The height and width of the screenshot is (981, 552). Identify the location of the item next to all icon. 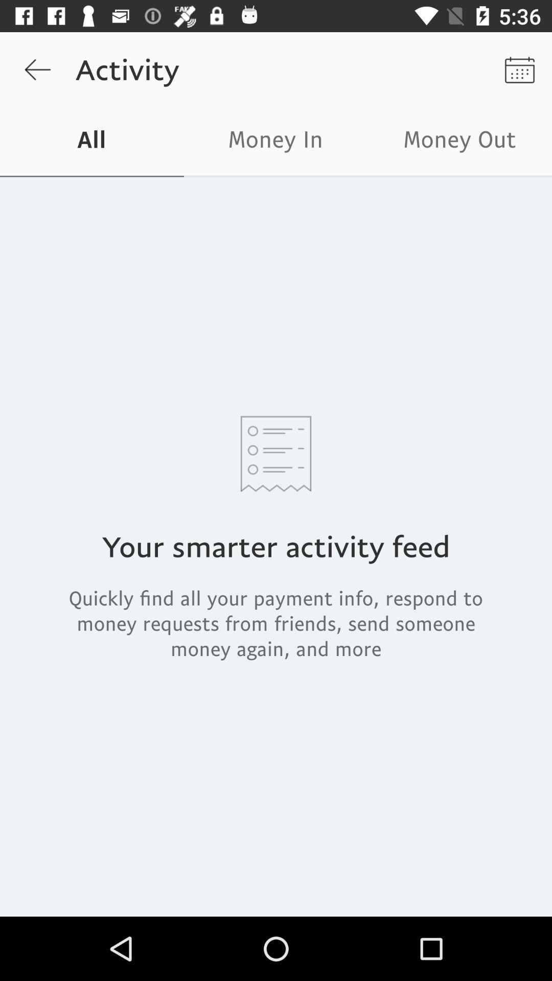
(276, 142).